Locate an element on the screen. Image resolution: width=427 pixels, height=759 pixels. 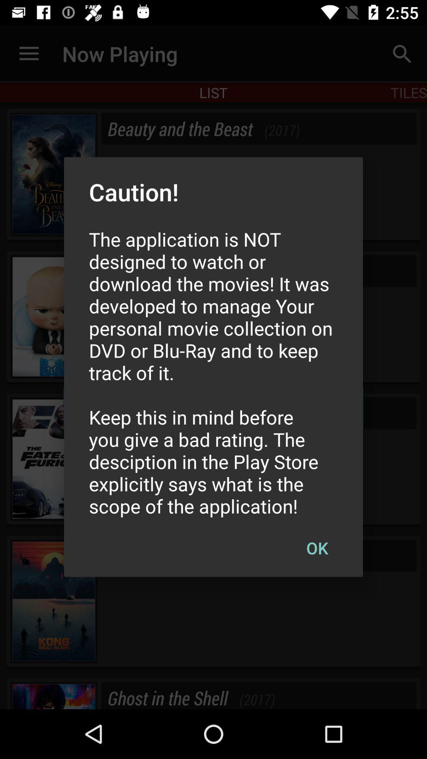
the item below the the application is item is located at coordinates (317, 548).